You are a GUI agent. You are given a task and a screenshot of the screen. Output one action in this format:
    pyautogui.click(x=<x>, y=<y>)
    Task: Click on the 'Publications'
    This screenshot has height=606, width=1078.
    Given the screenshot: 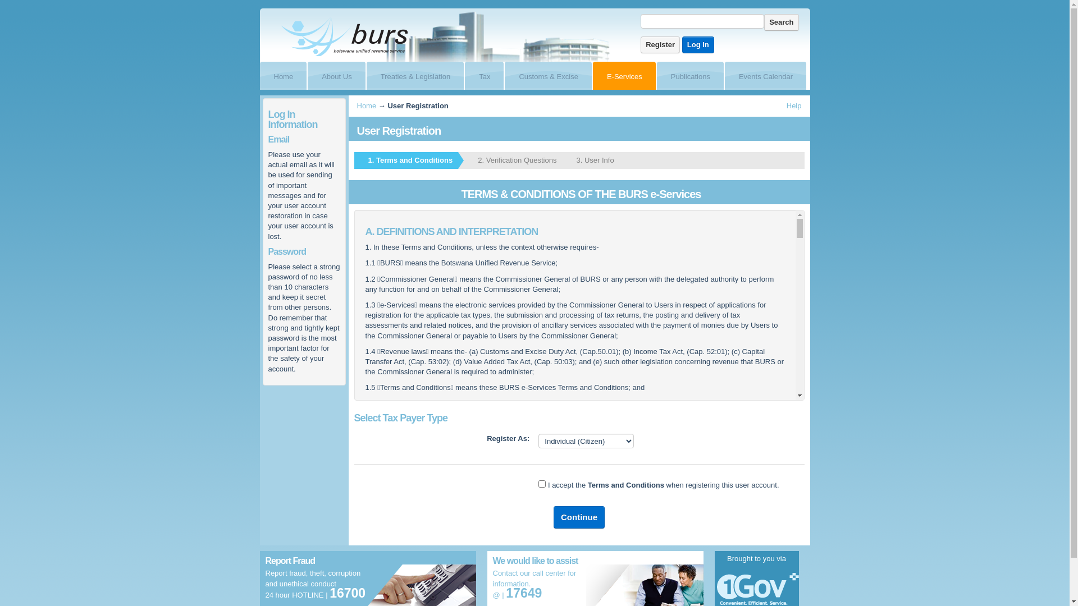 What is the action you would take?
    pyautogui.click(x=684, y=76)
    